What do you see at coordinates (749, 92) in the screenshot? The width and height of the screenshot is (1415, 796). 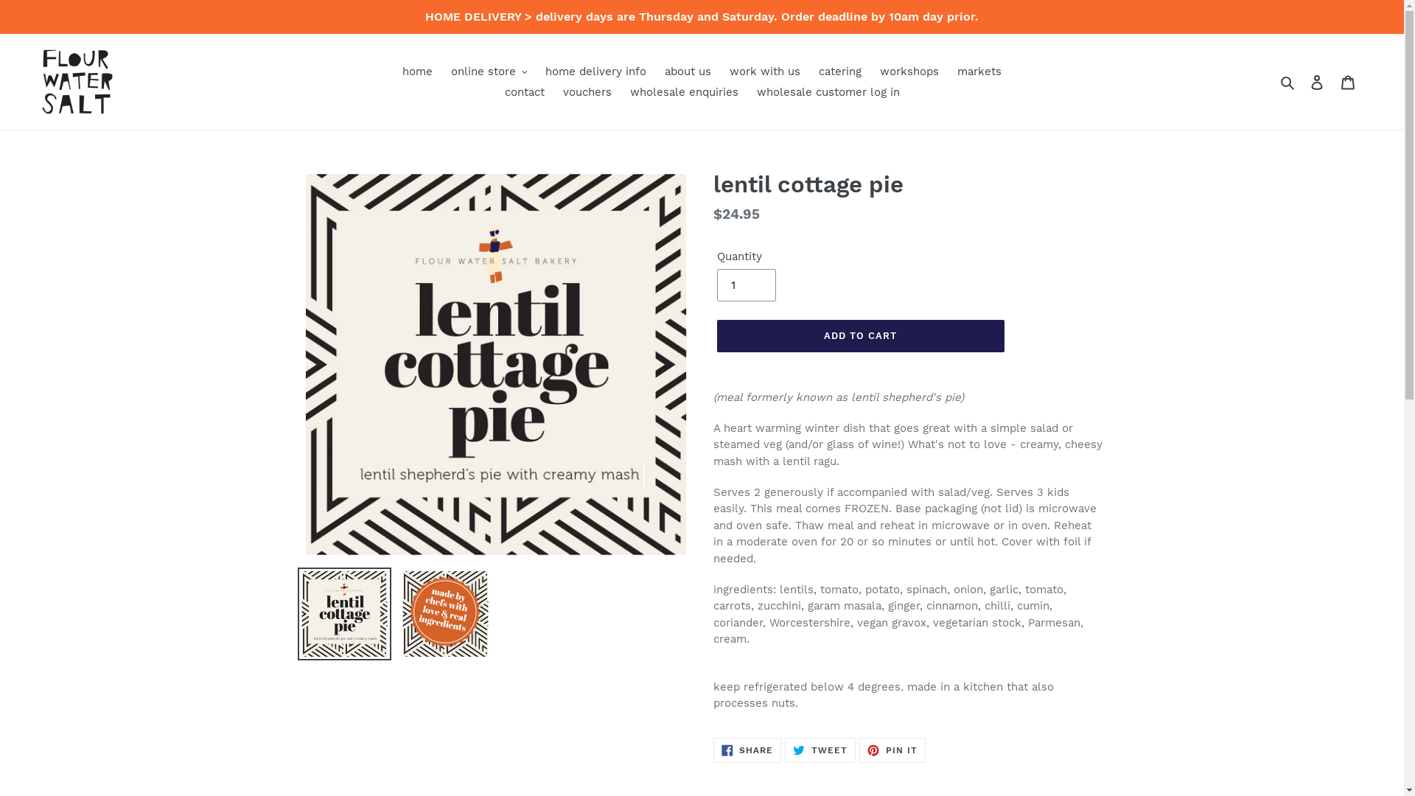 I see `'wholesale customer log in'` at bounding box center [749, 92].